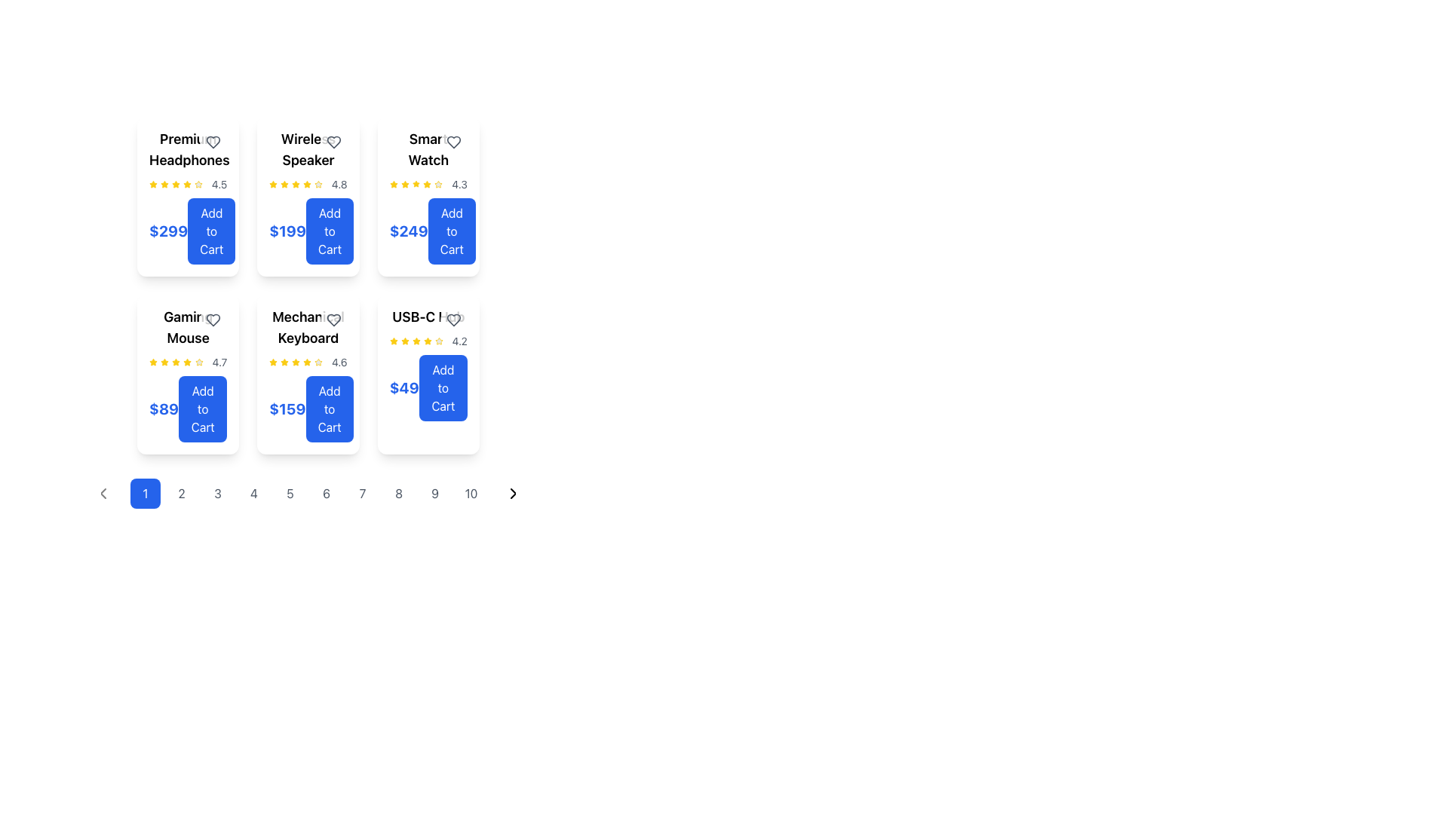 This screenshot has width=1448, height=814. What do you see at coordinates (307, 363) in the screenshot?
I see `the Rating display with stars and numeric text for the product card titled 'Mechanical Keyboard', located in the bottom row and second column of a 3x2 grid layout` at bounding box center [307, 363].